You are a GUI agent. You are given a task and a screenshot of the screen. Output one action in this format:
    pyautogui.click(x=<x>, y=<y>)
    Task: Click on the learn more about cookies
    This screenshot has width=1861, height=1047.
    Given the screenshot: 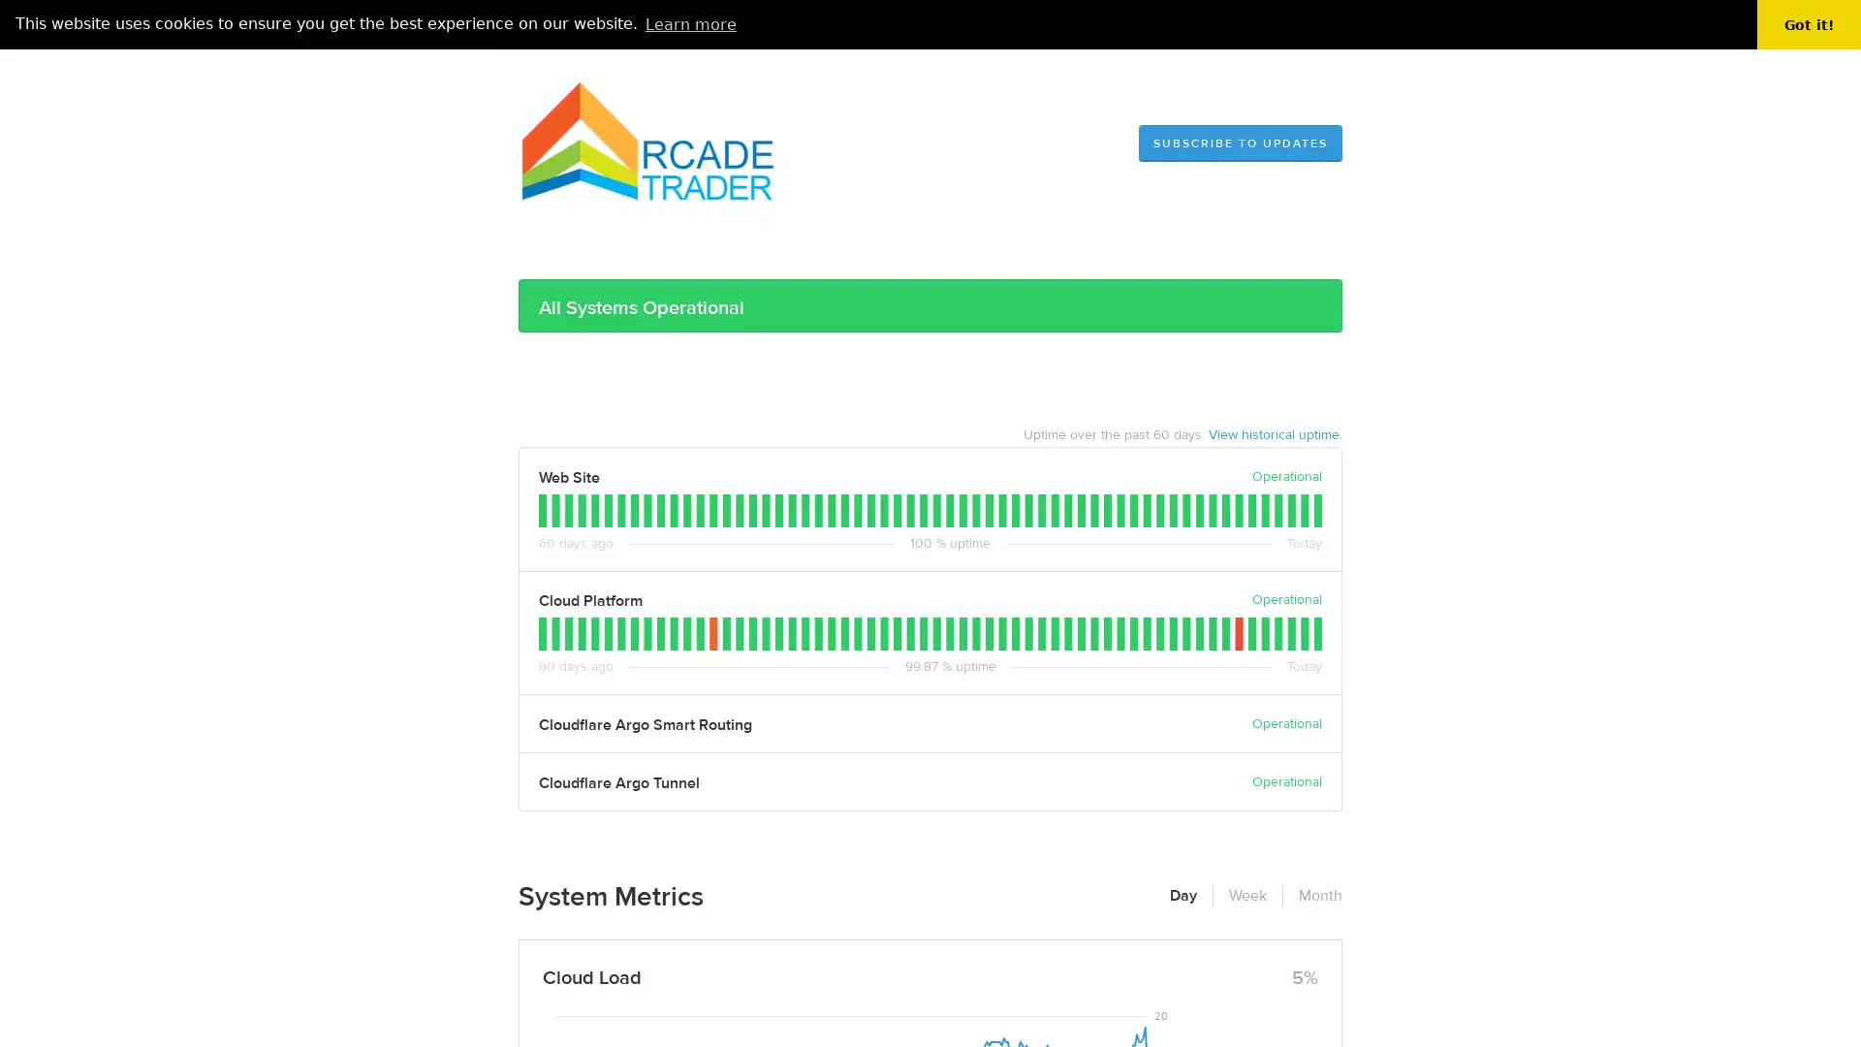 What is the action you would take?
    pyautogui.click(x=691, y=23)
    